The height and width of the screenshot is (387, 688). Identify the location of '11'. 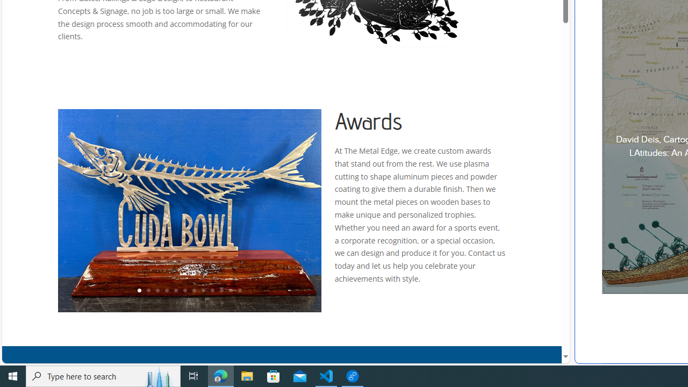
(230, 291).